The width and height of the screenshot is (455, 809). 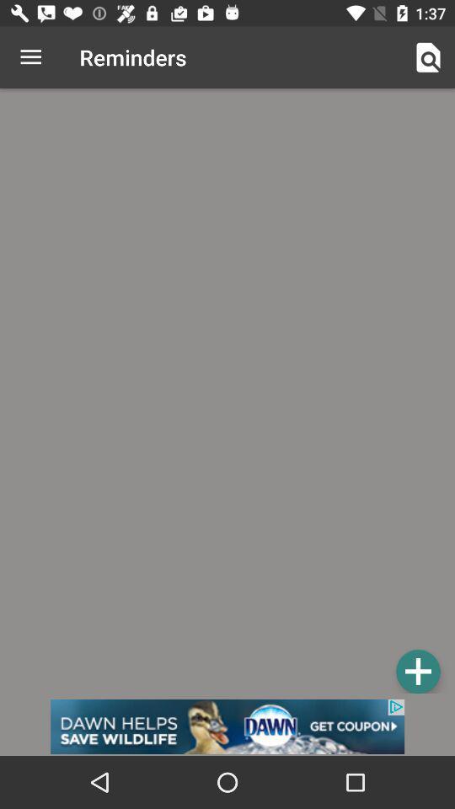 What do you see at coordinates (417, 671) in the screenshot?
I see `more` at bounding box center [417, 671].